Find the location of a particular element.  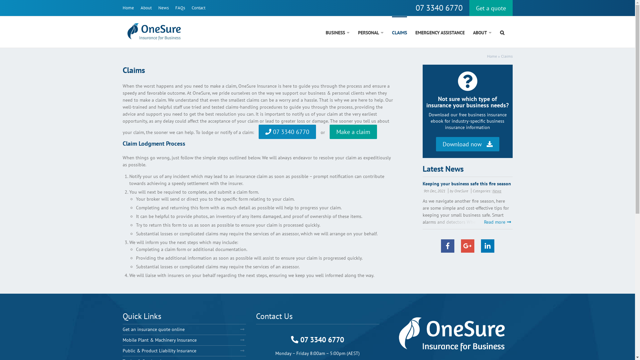

'Download now' is located at coordinates (467, 143).